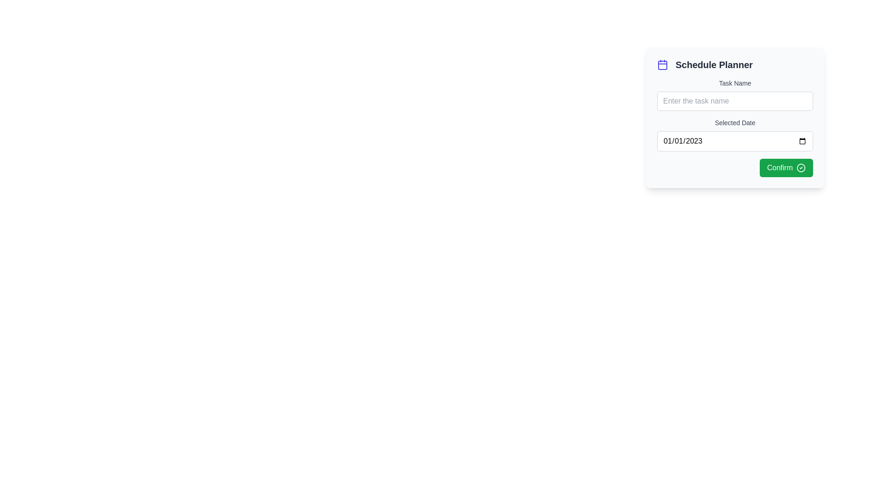 This screenshot has width=883, height=497. Describe the element at coordinates (662, 65) in the screenshot. I see `the primary rectangular body of the calendar icon located in the top-left corner of the Schedule Planner interface` at that location.